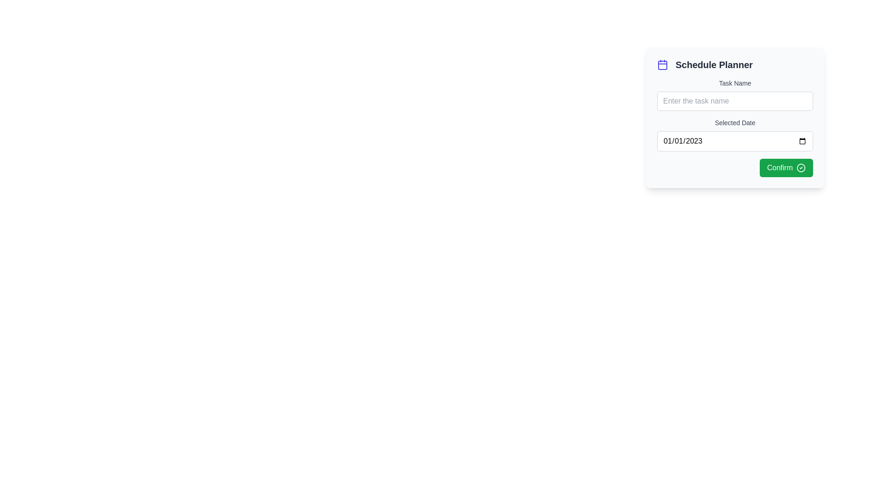 This screenshot has width=883, height=497. Describe the element at coordinates (662, 65) in the screenshot. I see `the primary rectangular body of the calendar icon located in the top-left corner of the Schedule Planner interface` at that location.